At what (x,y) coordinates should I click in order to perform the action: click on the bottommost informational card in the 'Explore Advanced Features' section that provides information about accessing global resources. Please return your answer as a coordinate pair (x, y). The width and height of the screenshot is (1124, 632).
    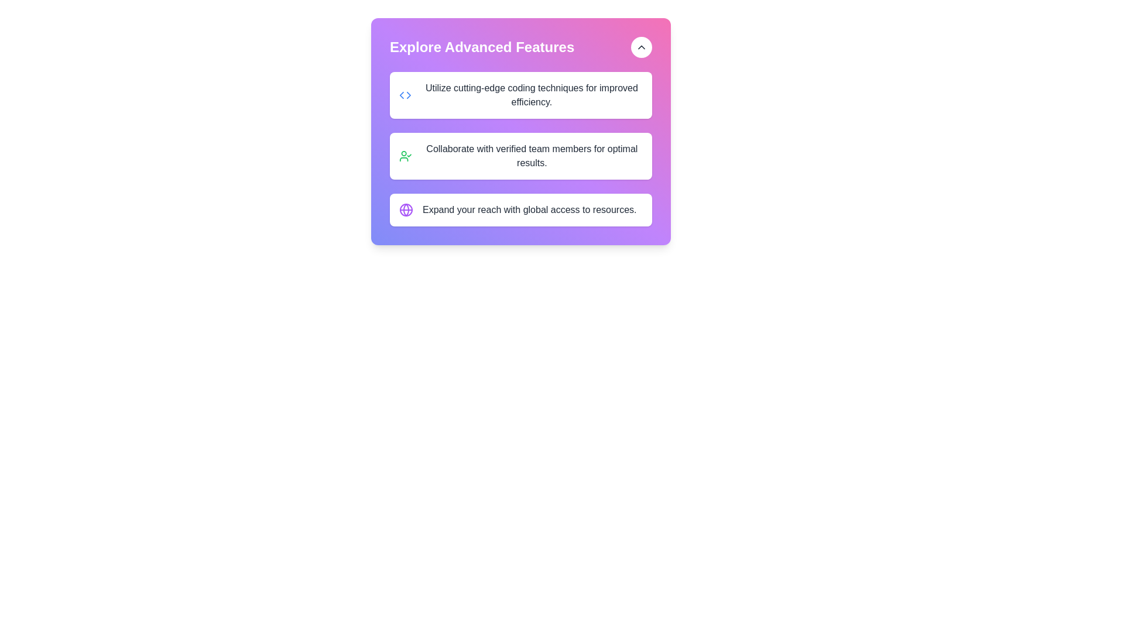
    Looking at the image, I should click on (520, 209).